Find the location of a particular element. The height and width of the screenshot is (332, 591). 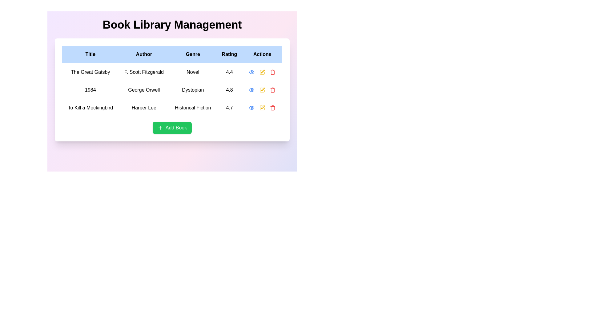

the 'Historical Fiction' text display located in the third cell of the 'Genre' column in the table for 'To Kill a Mockingbird' is located at coordinates (192, 108).